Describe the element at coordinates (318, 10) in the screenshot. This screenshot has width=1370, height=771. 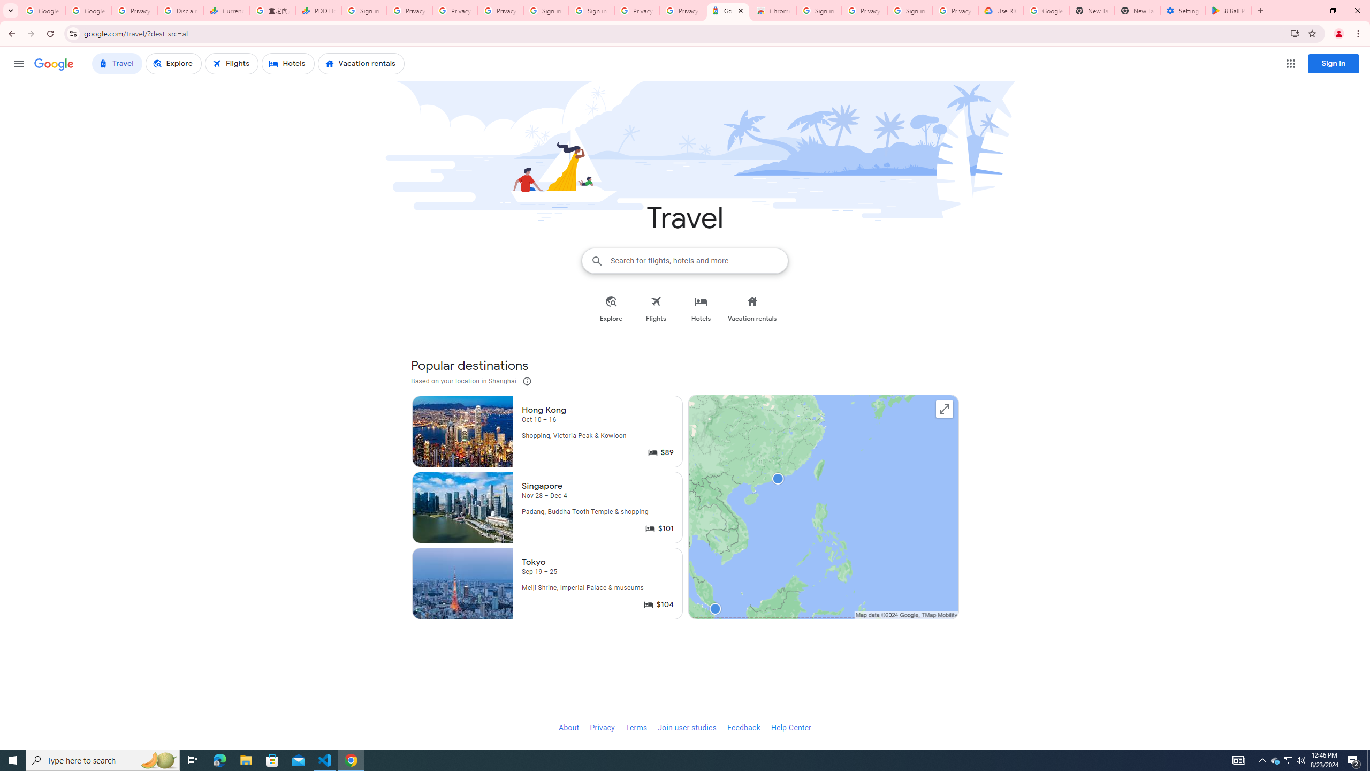
I see `'PDD Holdings Inc - ADR (PDD) Price & News - Google Finance'` at that location.